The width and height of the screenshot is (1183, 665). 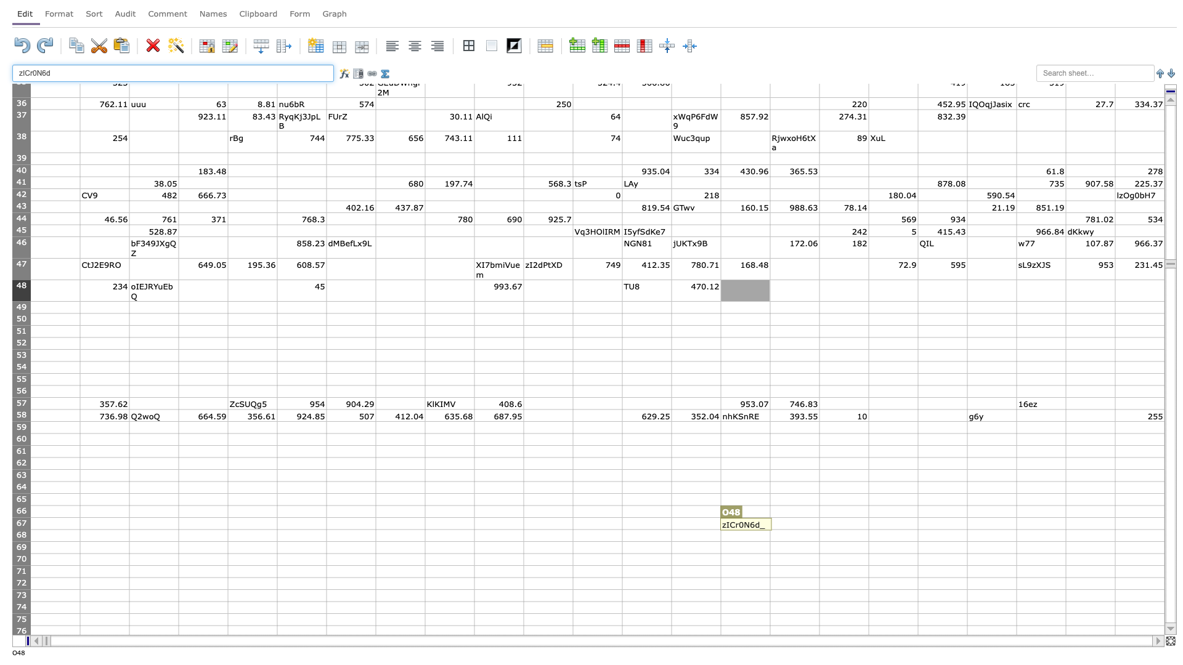 I want to click on Fill point of cell T68, so click(x=1017, y=541).